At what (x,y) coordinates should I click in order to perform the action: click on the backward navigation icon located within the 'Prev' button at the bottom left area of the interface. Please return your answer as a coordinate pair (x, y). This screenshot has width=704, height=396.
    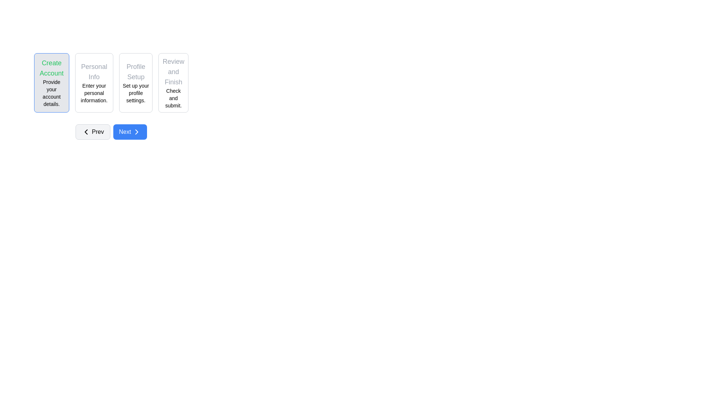
    Looking at the image, I should click on (86, 131).